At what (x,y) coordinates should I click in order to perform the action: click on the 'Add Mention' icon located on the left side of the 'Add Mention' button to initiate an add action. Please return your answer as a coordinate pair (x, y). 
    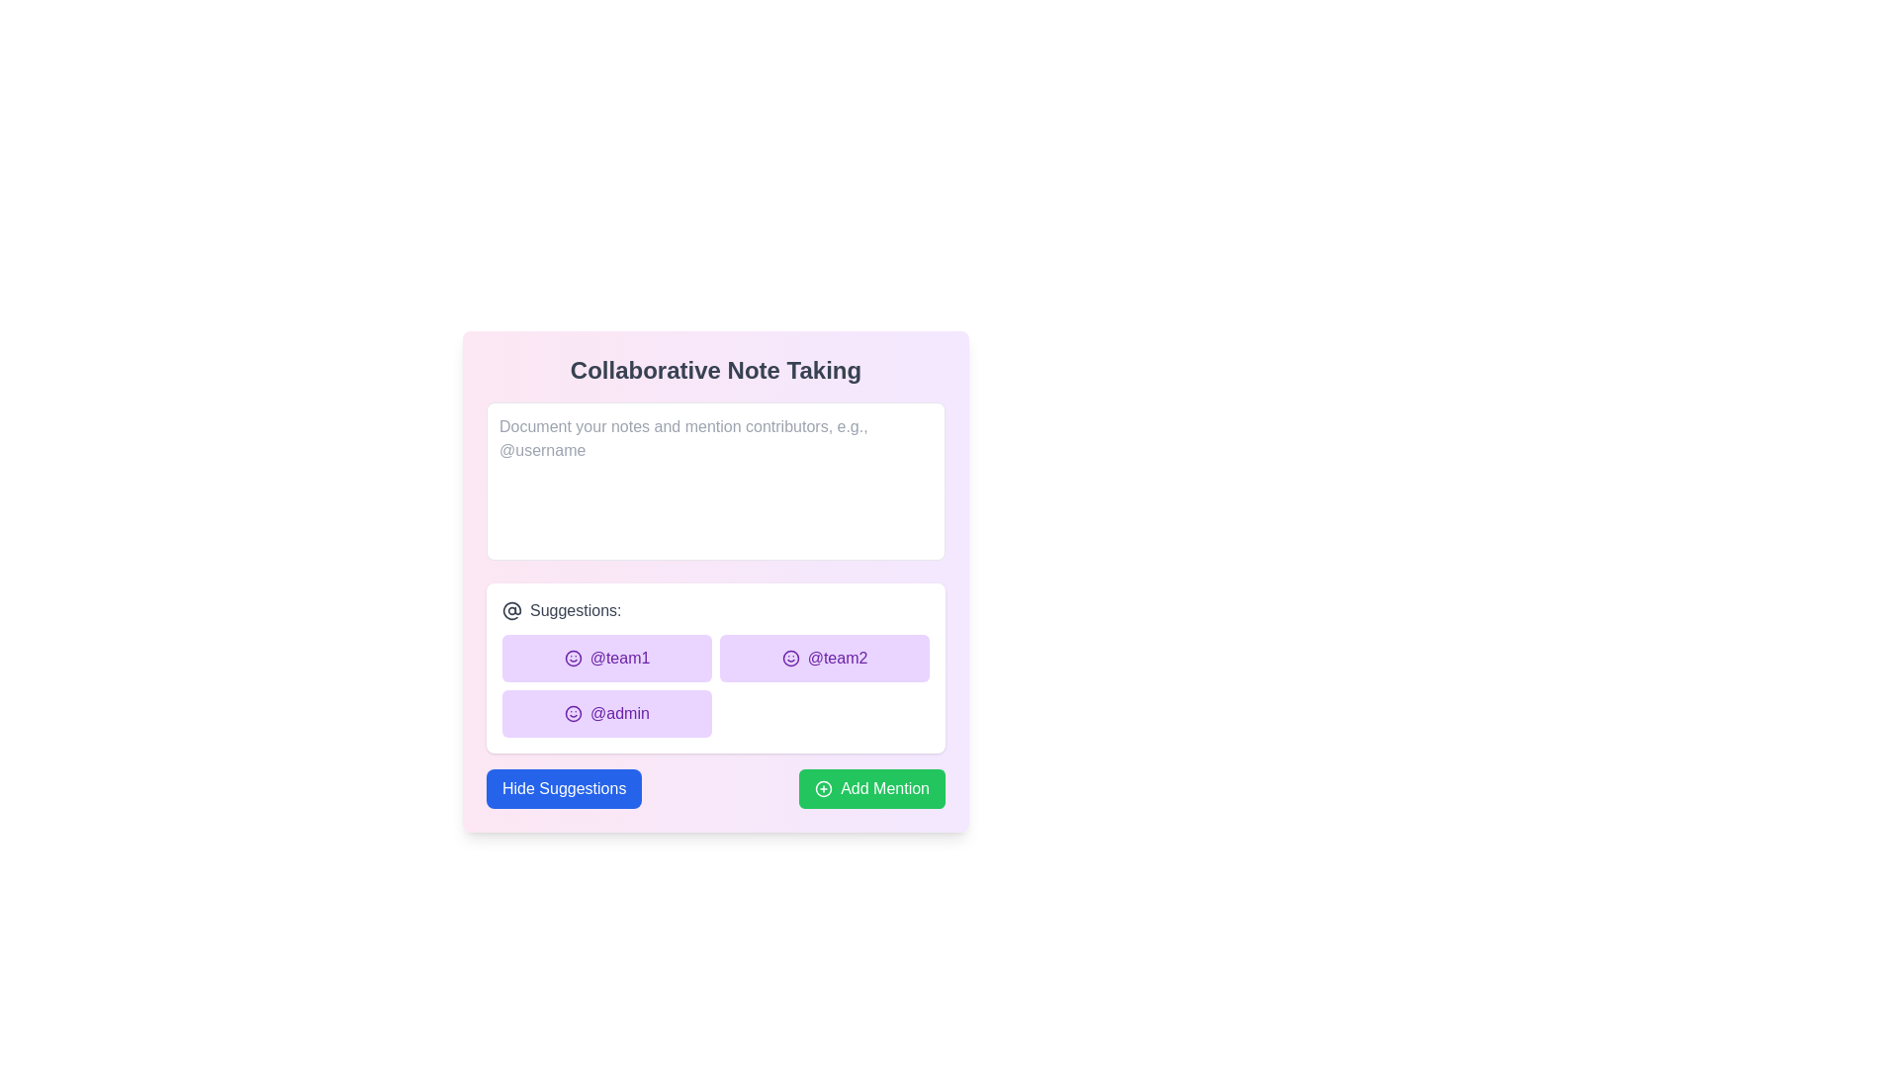
    Looking at the image, I should click on (824, 788).